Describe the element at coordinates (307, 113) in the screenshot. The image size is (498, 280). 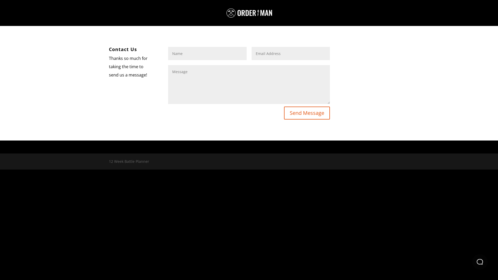
I see `'Send Message'` at that location.